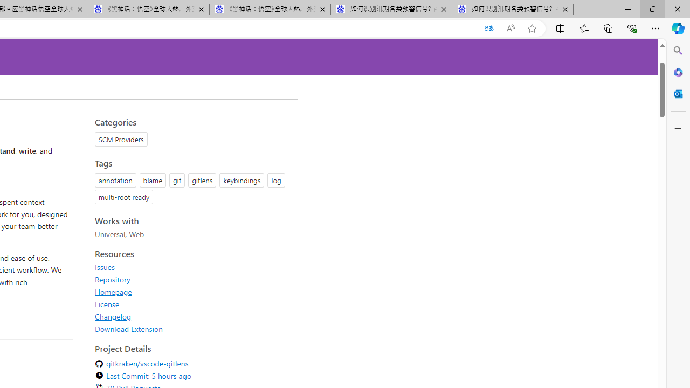  I want to click on 'Issues', so click(105, 267).